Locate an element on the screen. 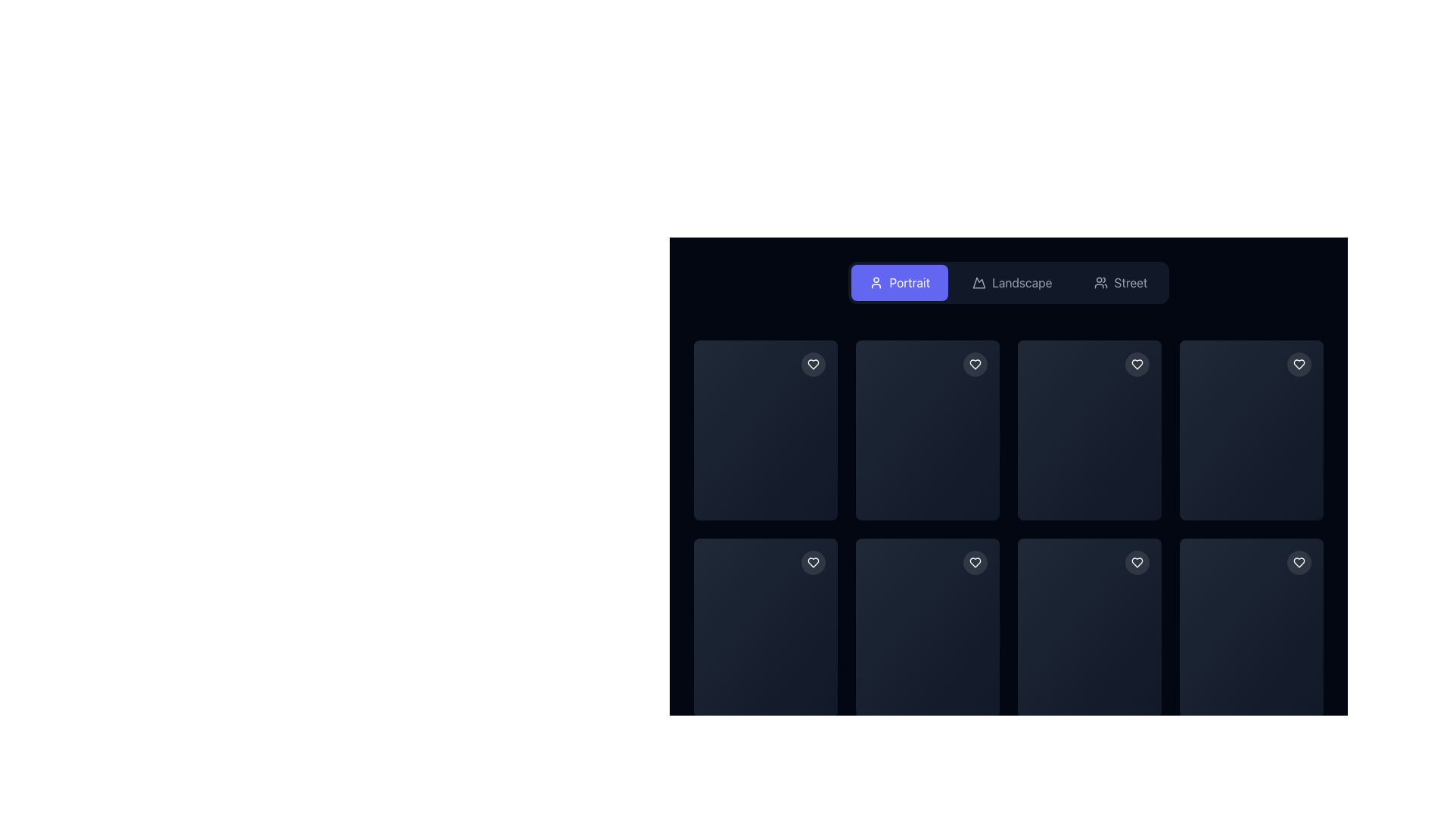 The height and width of the screenshot is (817, 1453). the circular button with a white heart icon at its center located in the top-right corner of the grid card in the fourth column of the last row is located at coordinates (1299, 562).